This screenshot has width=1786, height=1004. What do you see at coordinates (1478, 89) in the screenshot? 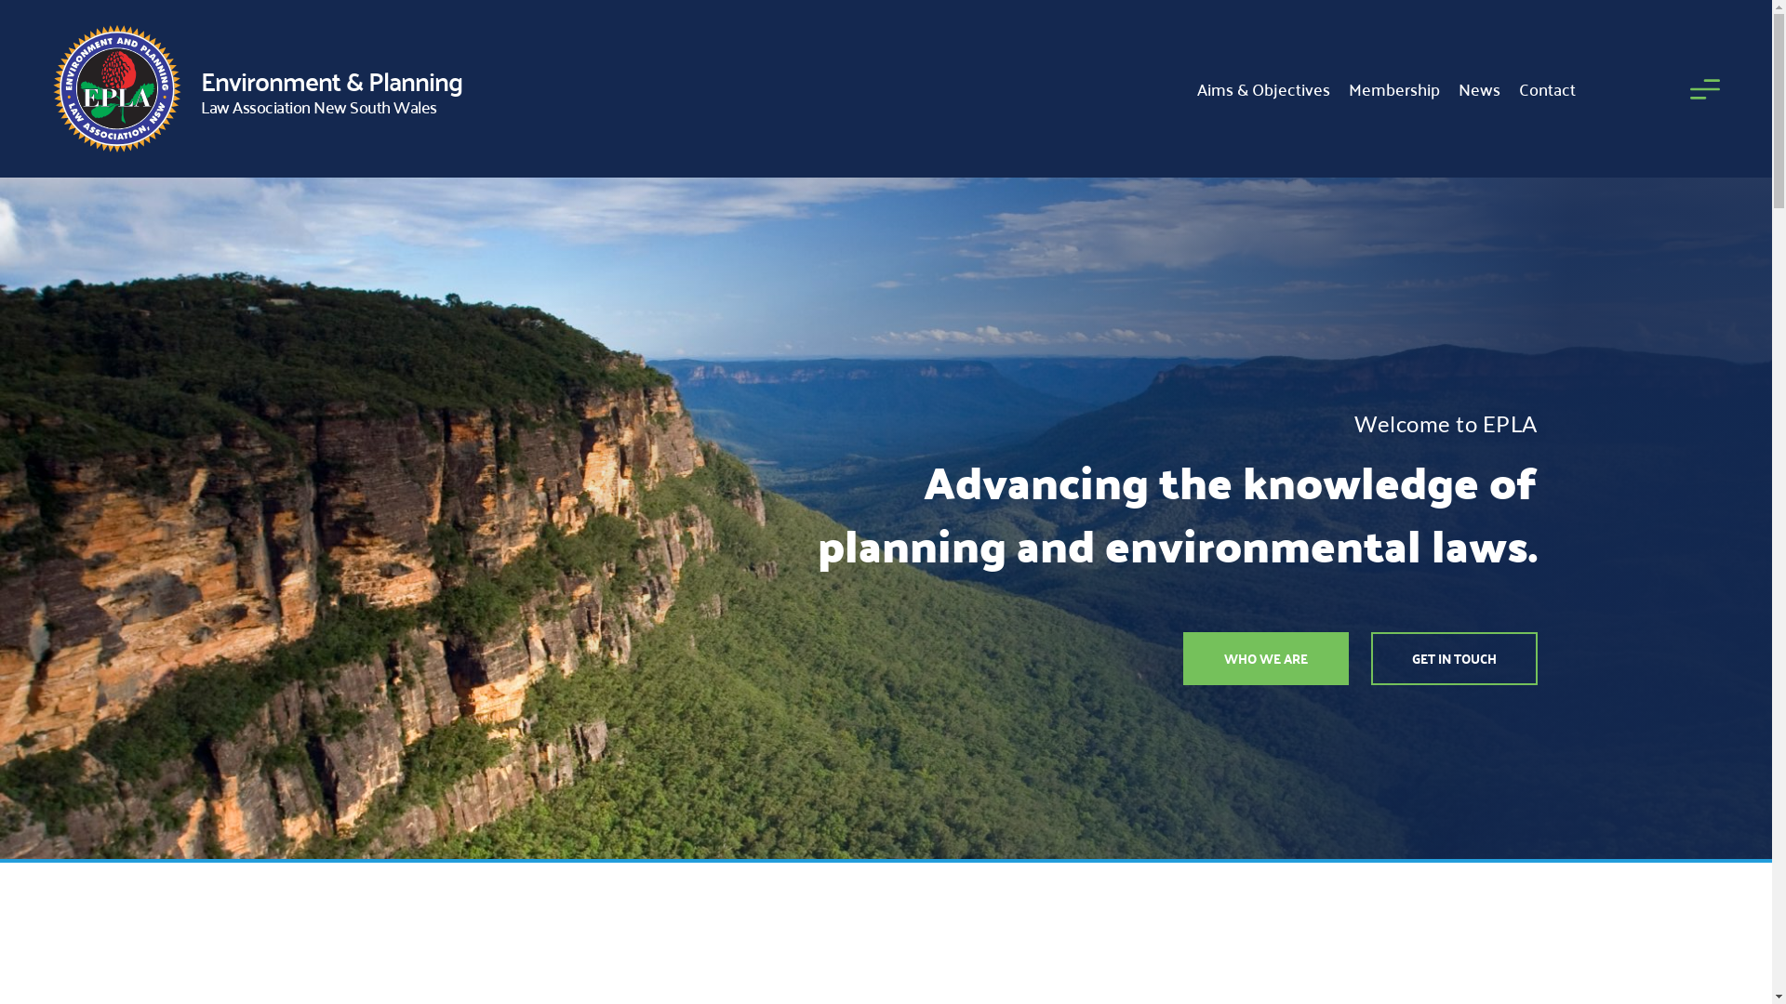
I see `'News'` at bounding box center [1478, 89].